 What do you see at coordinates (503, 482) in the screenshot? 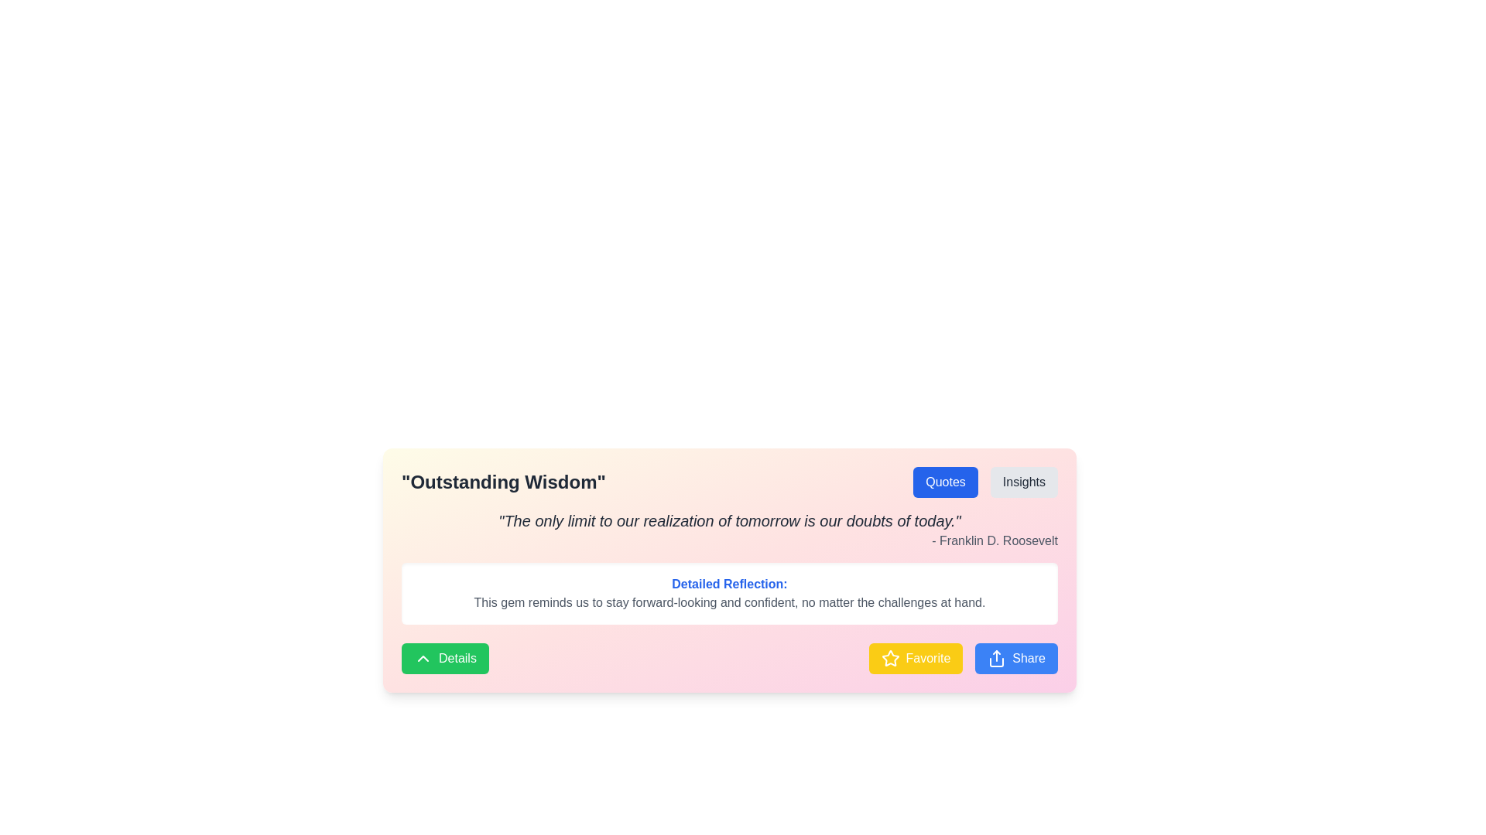
I see `the text element displaying 'Outstanding Wisdom' in bold and large font to select the text` at bounding box center [503, 482].